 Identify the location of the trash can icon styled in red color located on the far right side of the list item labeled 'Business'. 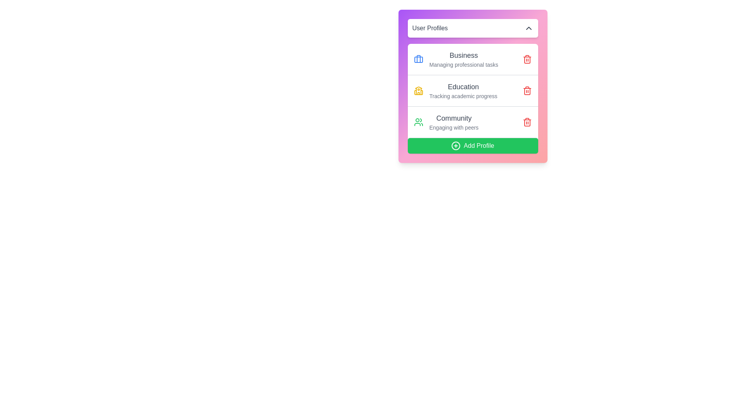
(527, 59).